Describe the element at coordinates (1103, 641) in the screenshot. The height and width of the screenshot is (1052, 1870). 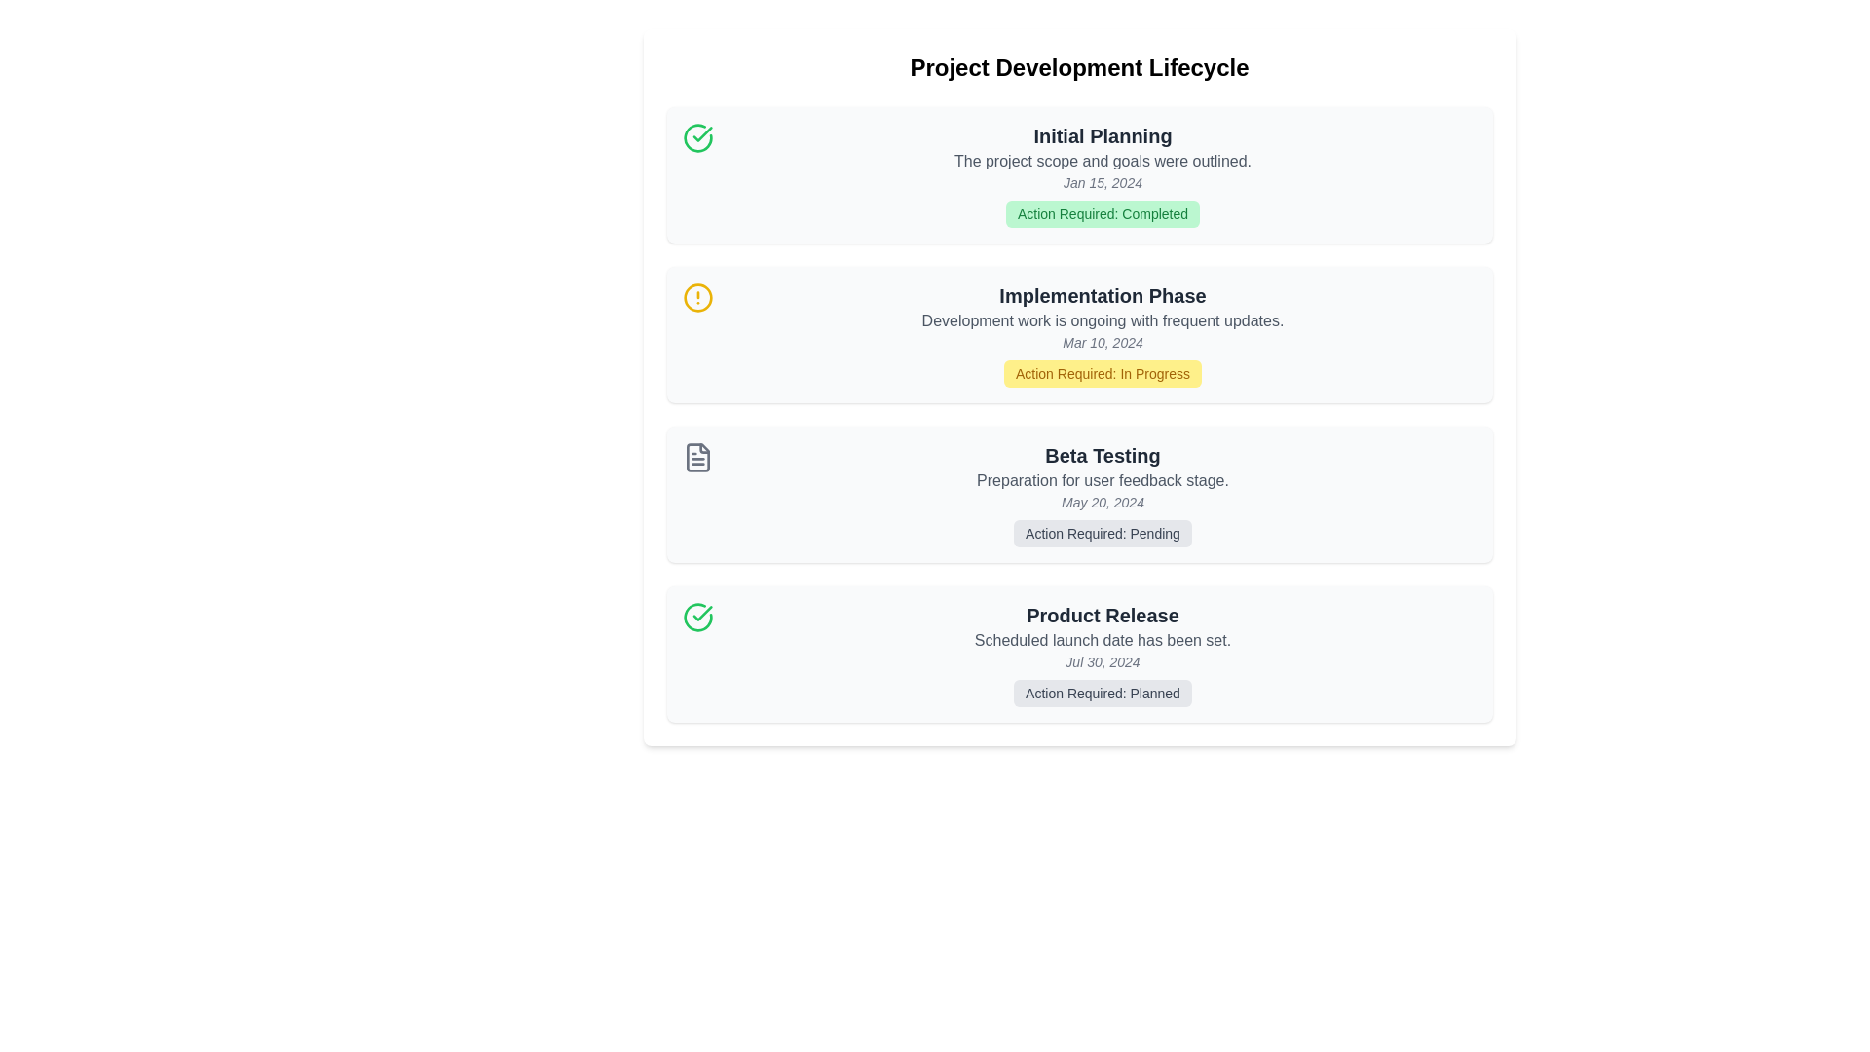
I see `the static text that conveys the scheduled launch date message, located below the title 'Product Release' and above the date 'Jul 30, 2024'` at that location.